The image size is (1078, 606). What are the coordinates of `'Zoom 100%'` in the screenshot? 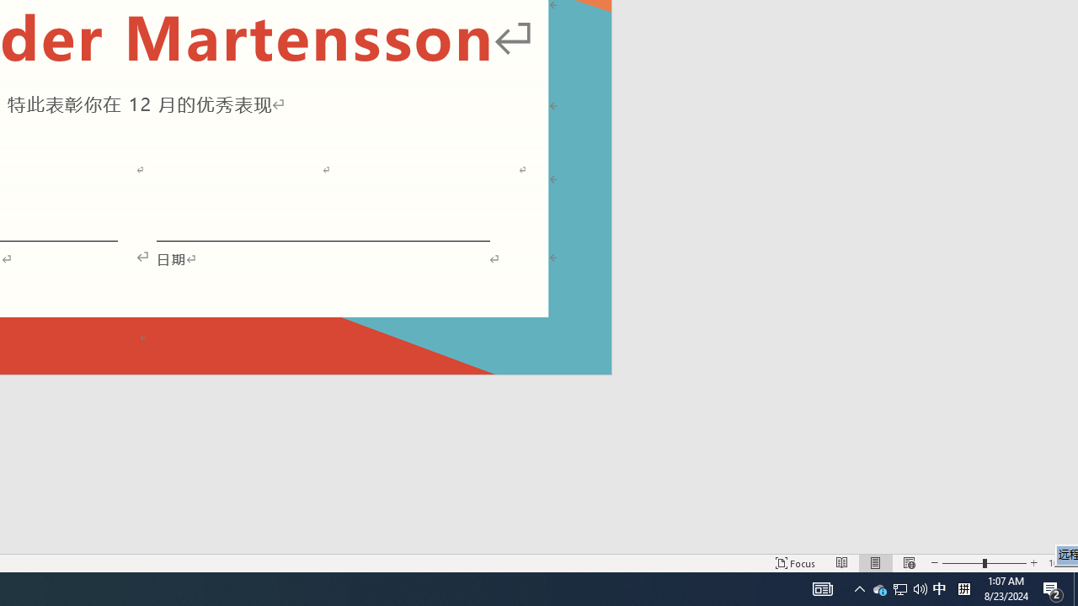 It's located at (1059, 563).